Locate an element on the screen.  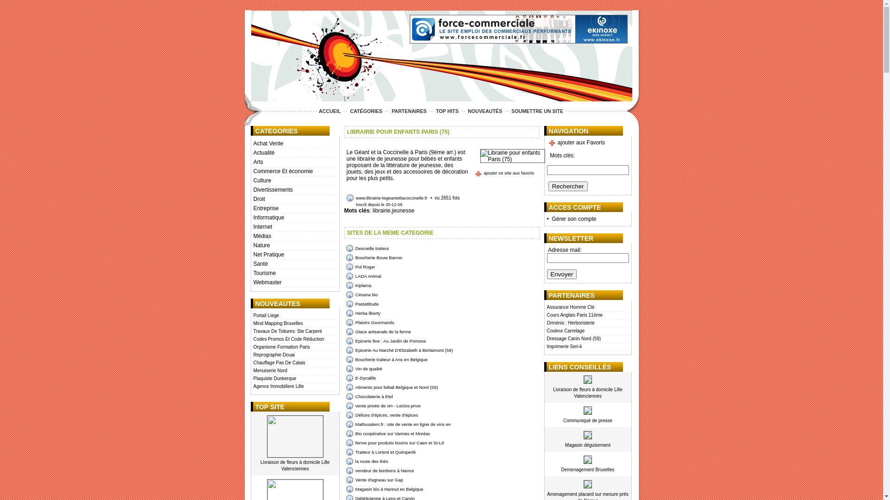
'Couleur Carrelage' is located at coordinates (587, 331).